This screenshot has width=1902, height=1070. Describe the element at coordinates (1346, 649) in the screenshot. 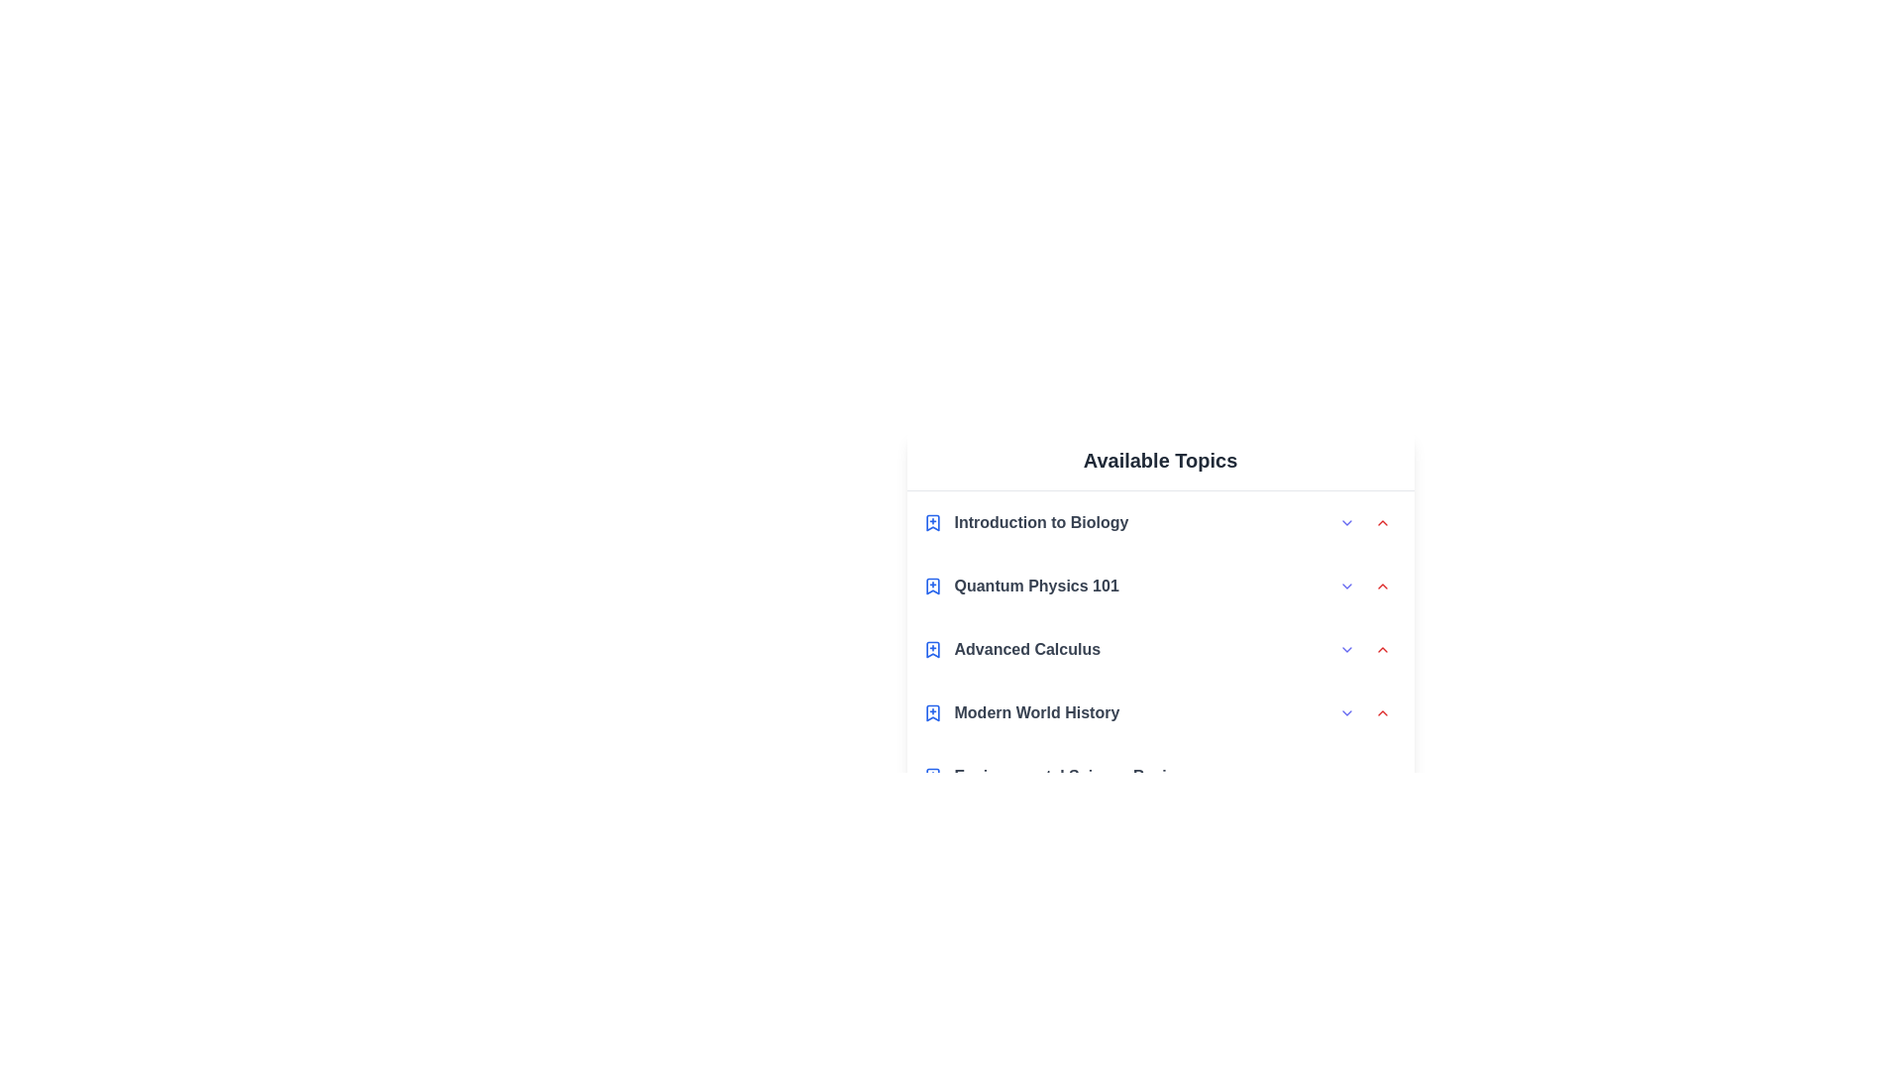

I see `the expand arrow for the topic Advanced Calculus` at that location.